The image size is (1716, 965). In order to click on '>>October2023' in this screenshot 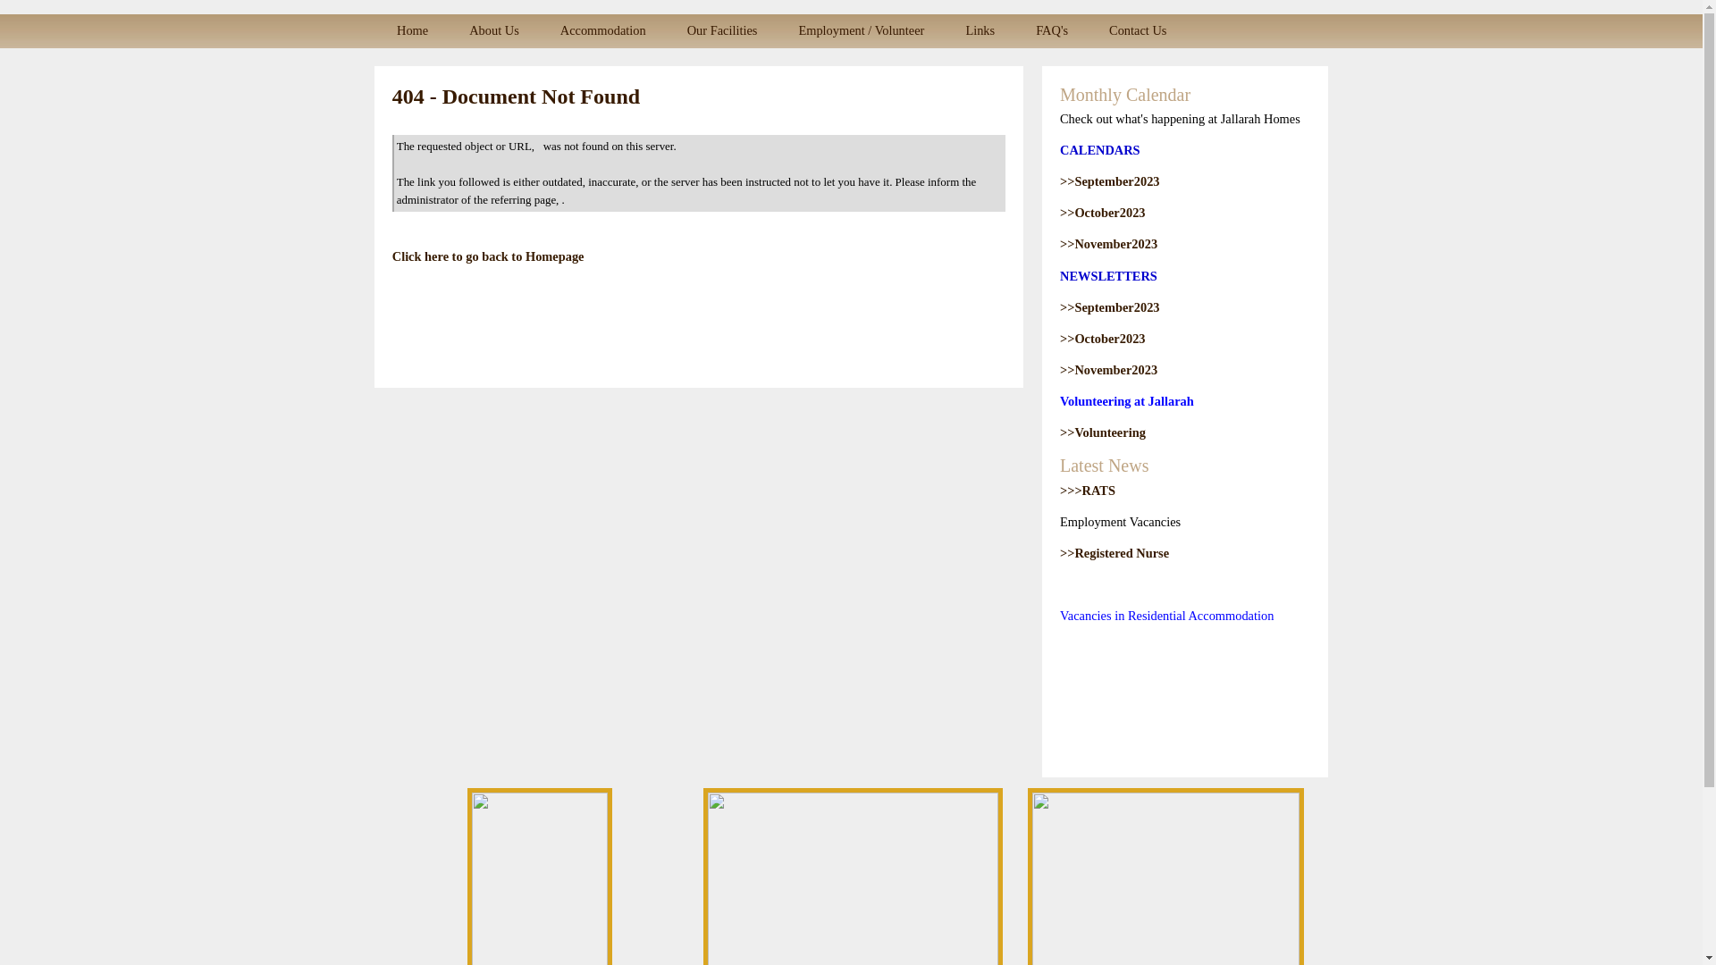, I will do `click(1101, 338)`.